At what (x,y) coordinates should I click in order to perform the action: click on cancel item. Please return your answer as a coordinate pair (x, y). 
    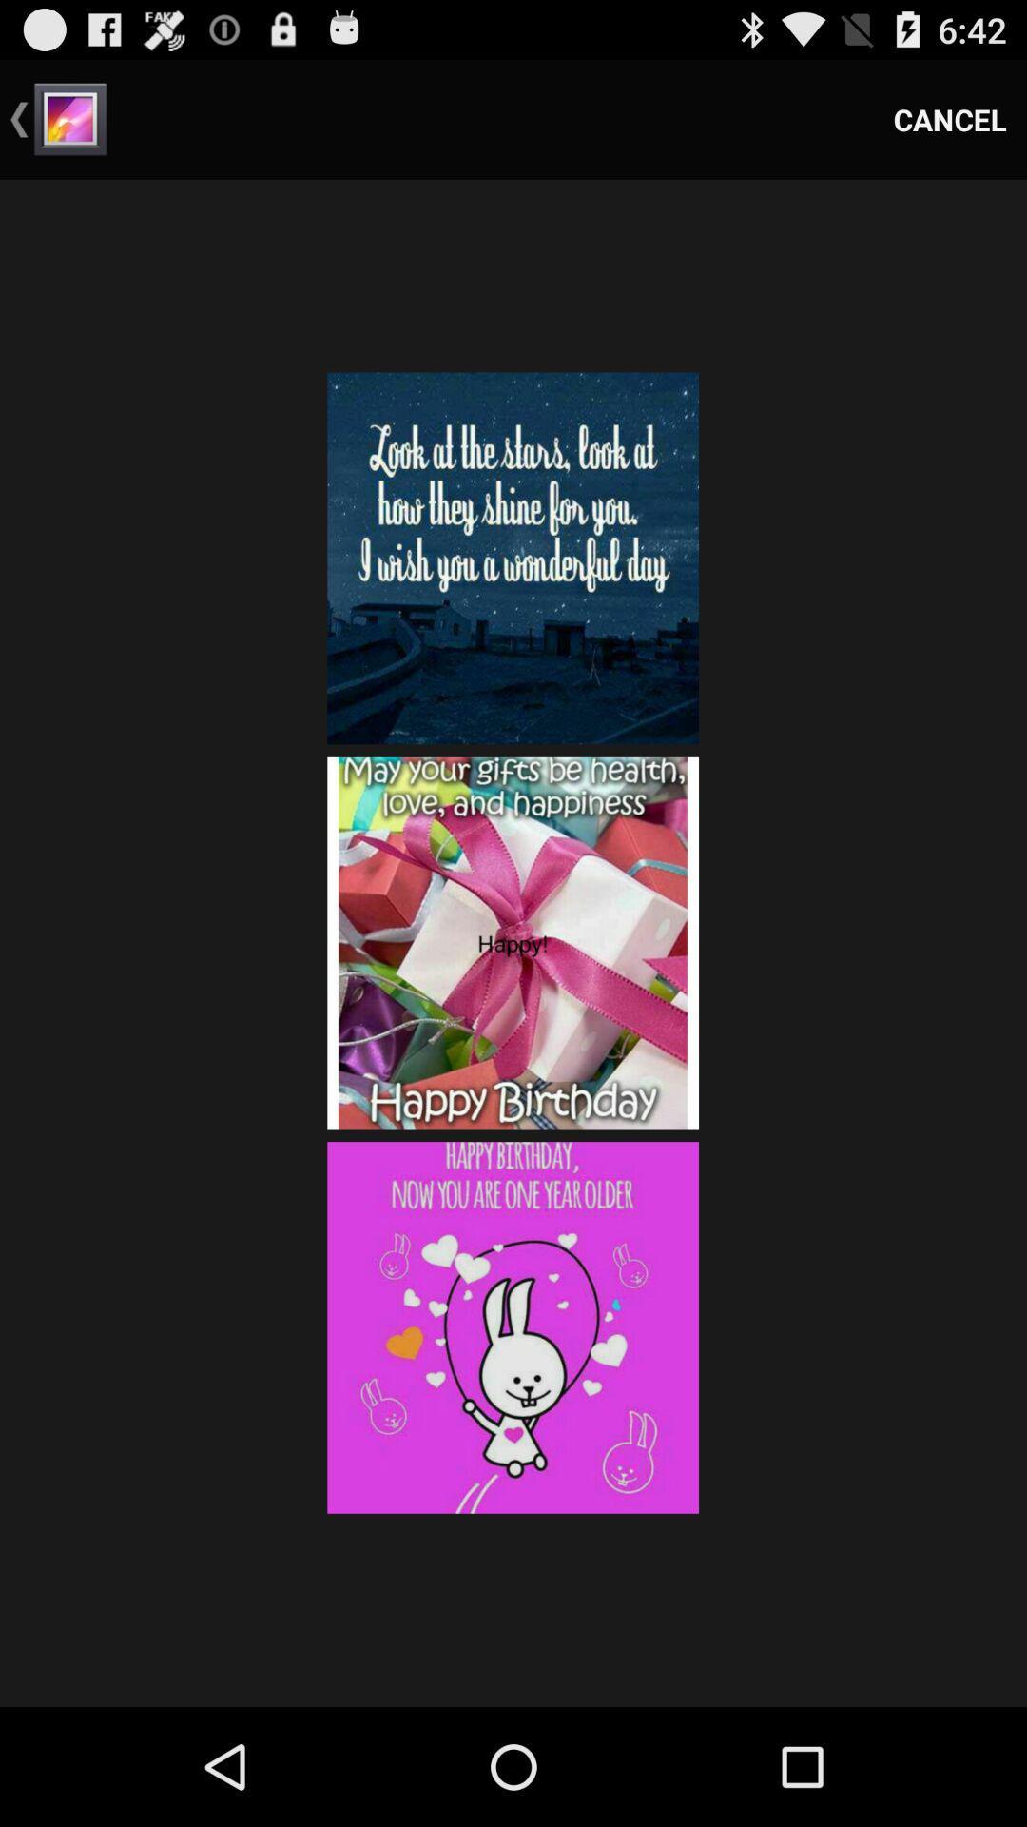
    Looking at the image, I should click on (950, 118).